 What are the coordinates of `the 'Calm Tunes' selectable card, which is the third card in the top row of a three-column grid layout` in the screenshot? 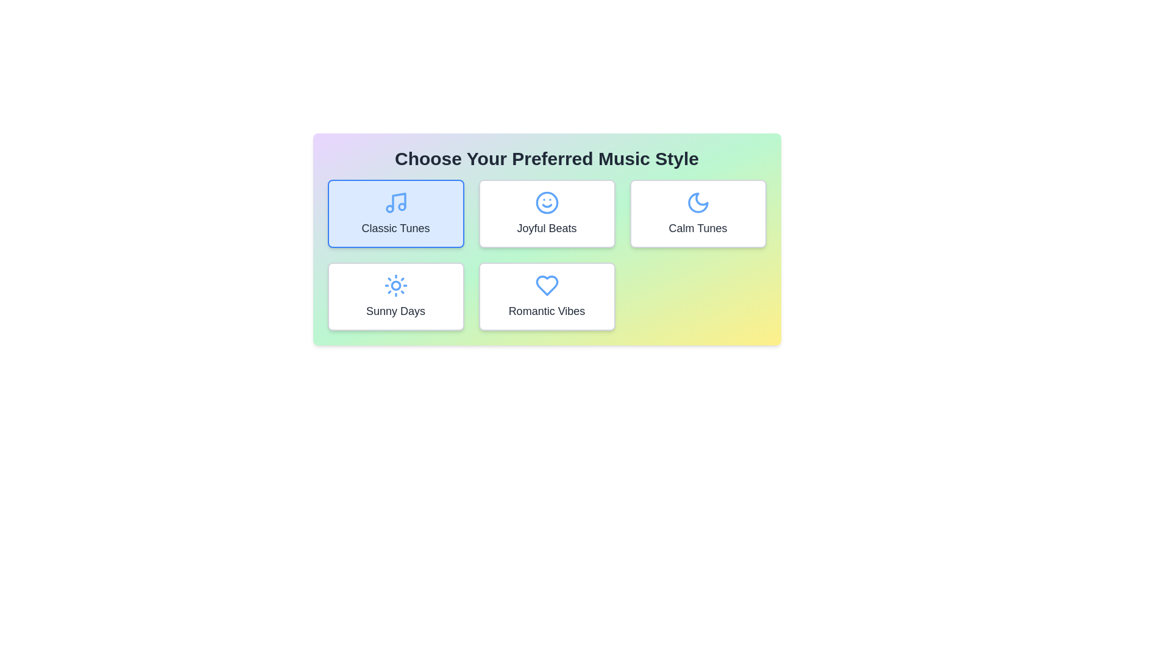 It's located at (698, 213).